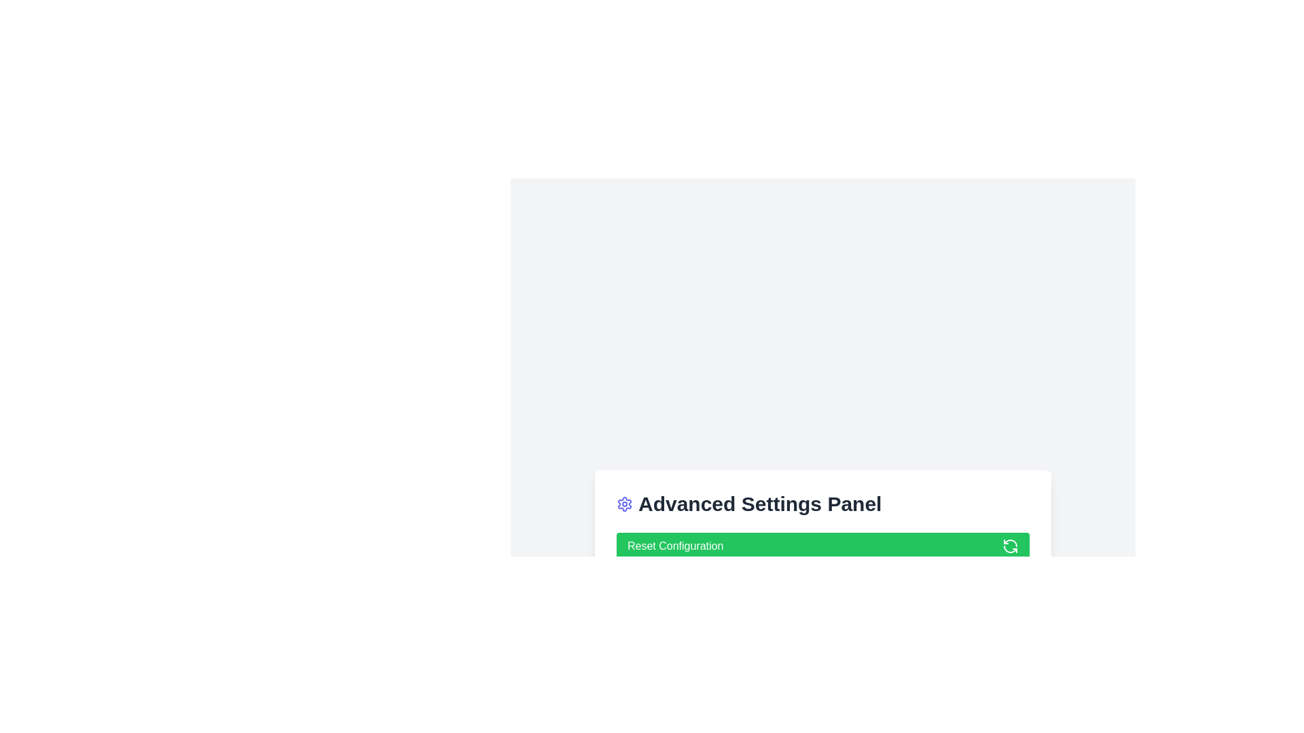 The width and height of the screenshot is (1304, 733). I want to click on the small circular refresh arrow icon with a green background located at the rightmost end of the 'Reset Configuration' green button below the 'Advanced Settings Panel' heading, so click(1011, 546).